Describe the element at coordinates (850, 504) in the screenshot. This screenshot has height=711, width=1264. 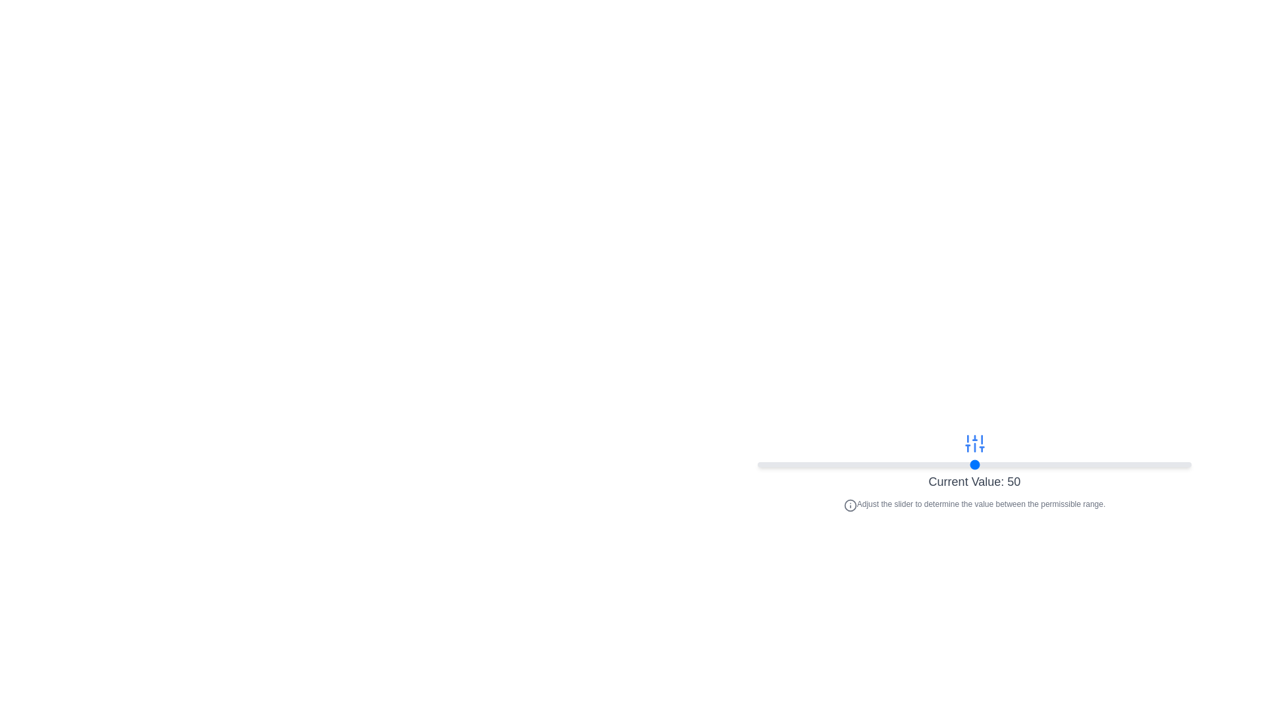
I see `the Circle SVG graphical element, which serves as an illustrative component within the UI, located in the bottom middle section of the page layout` at that location.